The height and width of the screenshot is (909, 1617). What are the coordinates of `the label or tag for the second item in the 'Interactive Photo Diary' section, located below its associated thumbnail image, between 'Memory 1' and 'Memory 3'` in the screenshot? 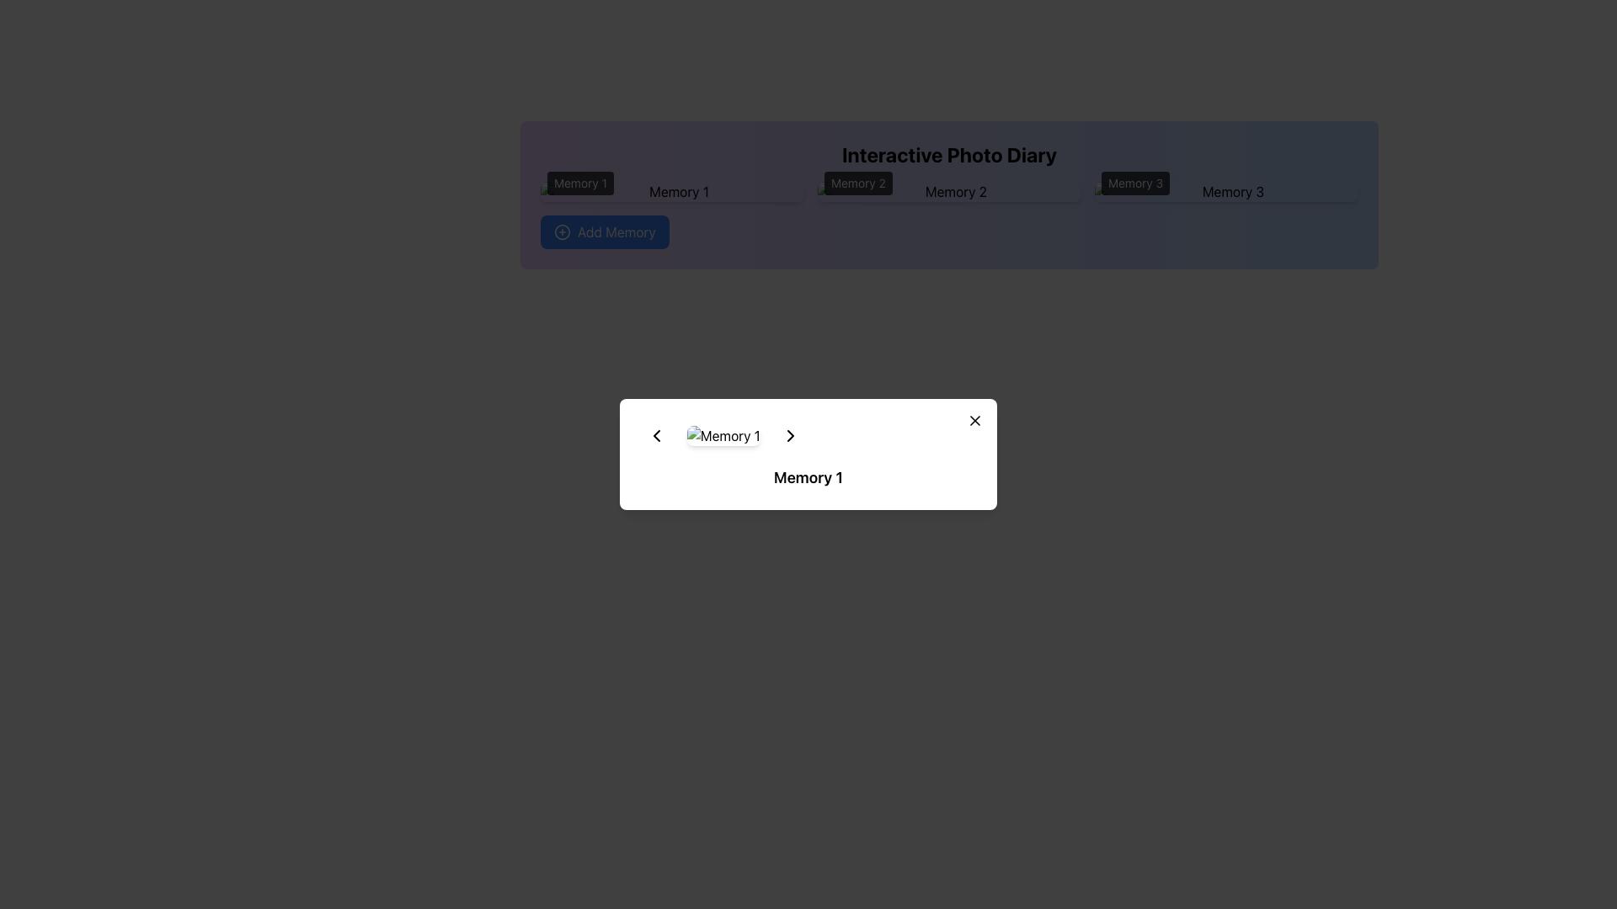 It's located at (858, 183).